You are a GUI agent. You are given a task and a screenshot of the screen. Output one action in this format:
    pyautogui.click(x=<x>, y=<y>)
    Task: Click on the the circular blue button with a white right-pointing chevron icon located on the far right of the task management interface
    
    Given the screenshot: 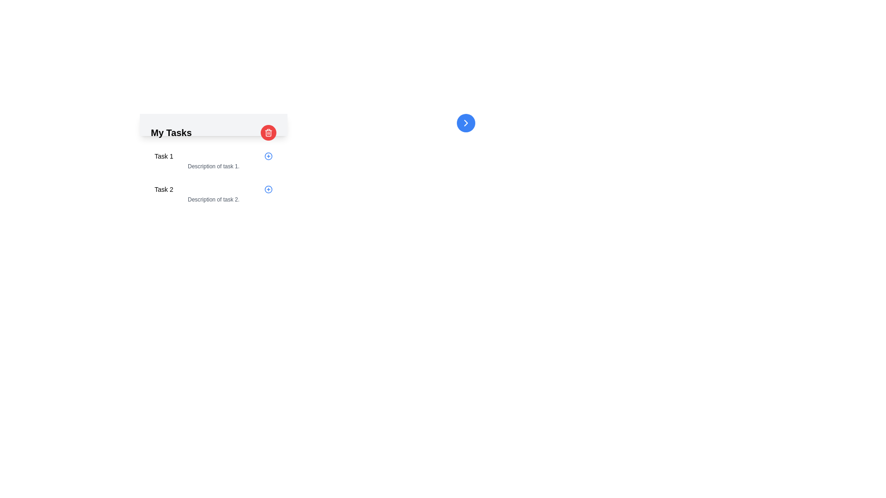 What is the action you would take?
    pyautogui.click(x=466, y=122)
    